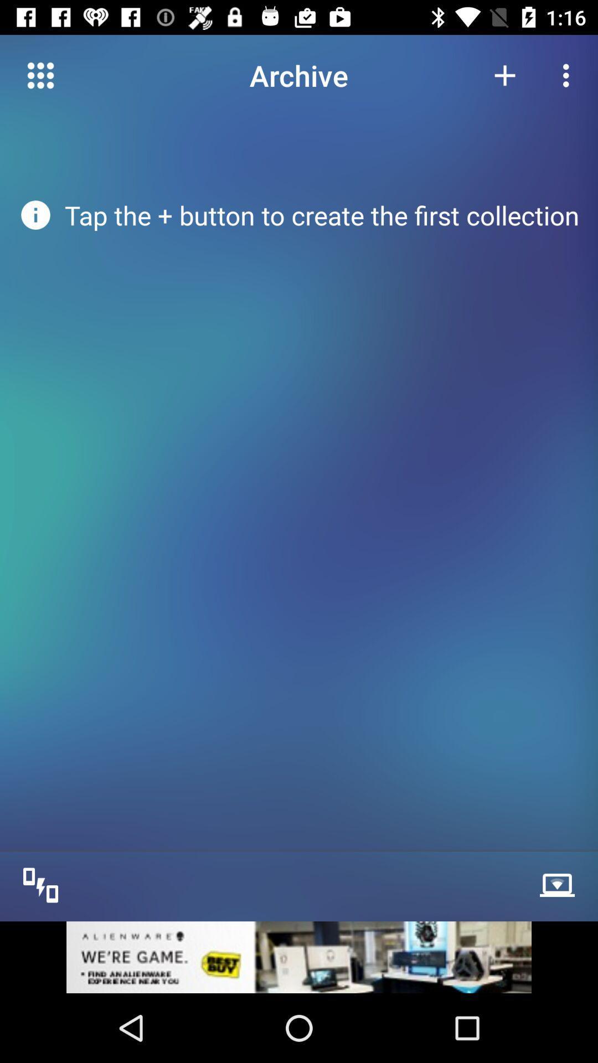  Describe the element at coordinates (299, 956) in the screenshot. I see `advertisement banner` at that location.